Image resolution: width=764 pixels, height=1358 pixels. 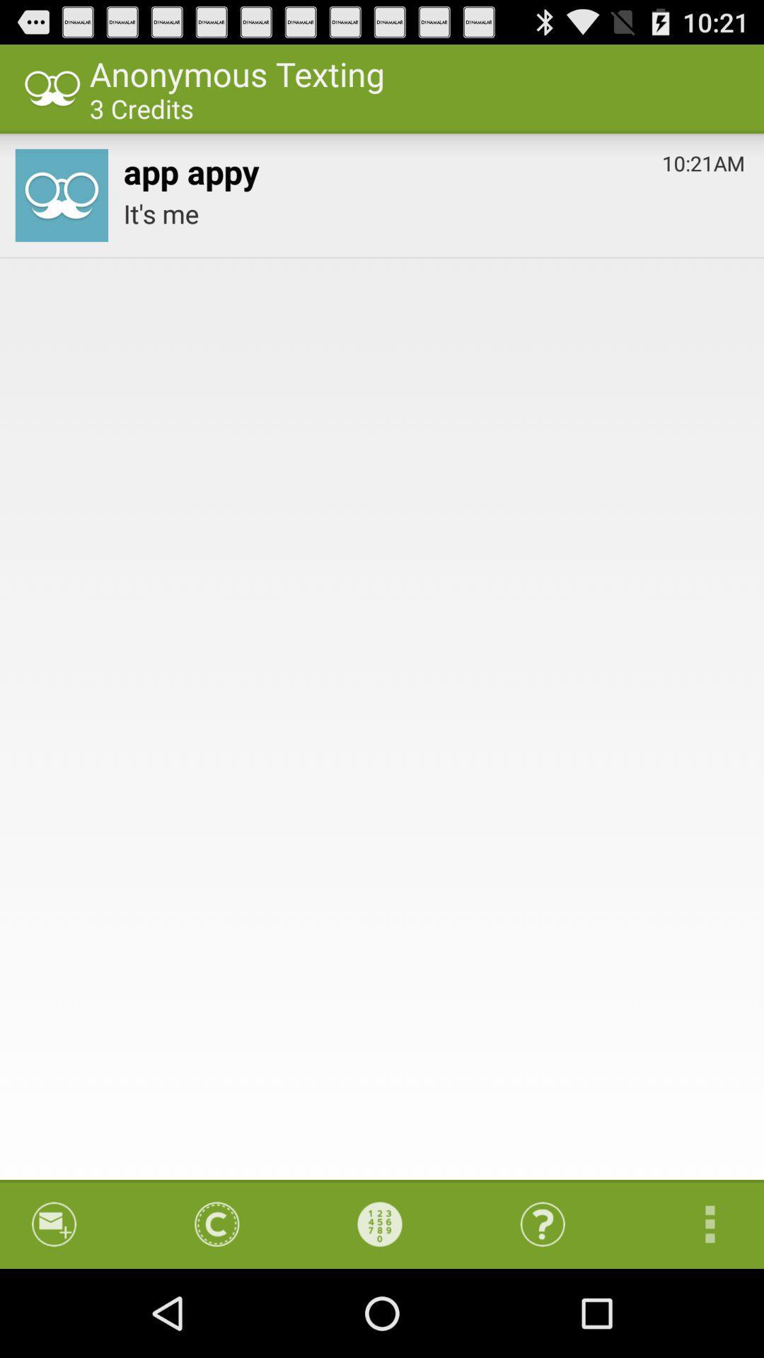 What do you see at coordinates (703, 160) in the screenshot?
I see `app above the it's me icon` at bounding box center [703, 160].